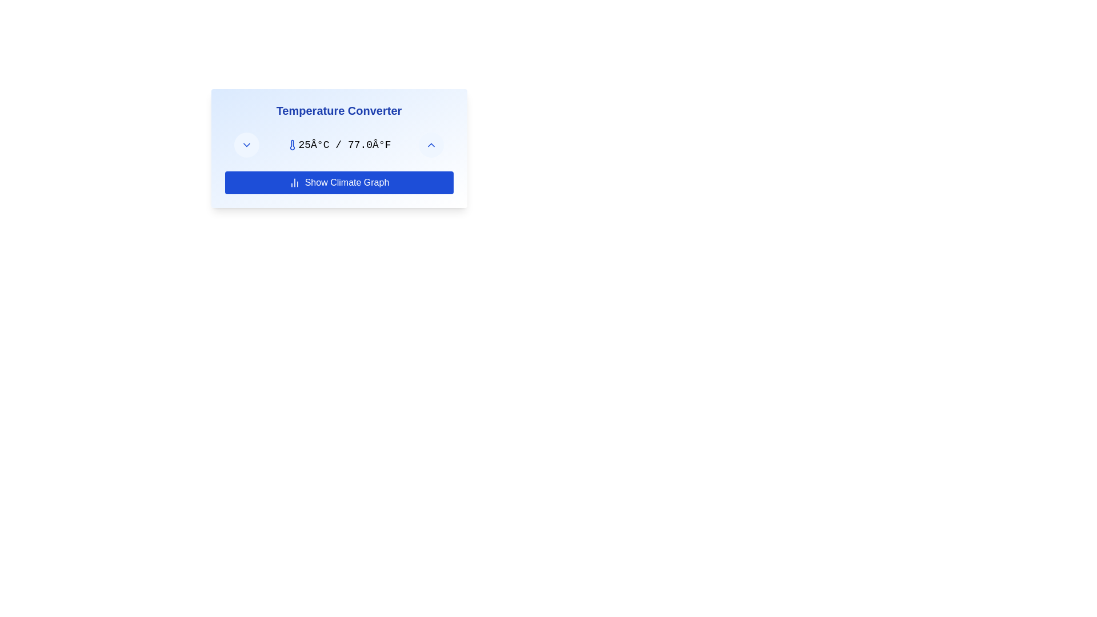 This screenshot has width=1097, height=617. I want to click on the downward-pointing blue chevron icon within the circular button at the top-left corner of the 'Temperature Converter' panel, so click(246, 145).